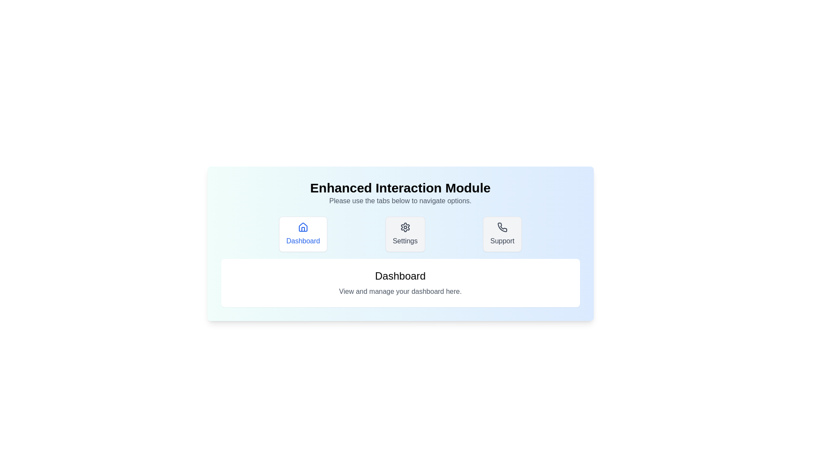 This screenshot has height=466, width=828. Describe the element at coordinates (502, 234) in the screenshot. I see `the tab with label Support to observe its icon and visual effect` at that location.